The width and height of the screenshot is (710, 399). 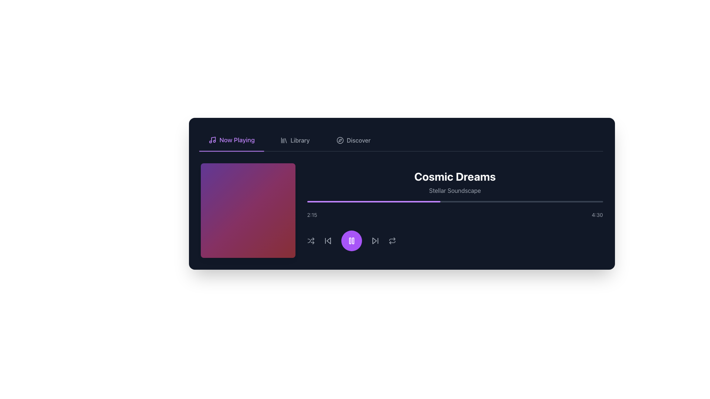 I want to click on the prominent image placeholder box with a gradient color scheme transitioning from purple to red, located on the left side of the media player interface, so click(x=248, y=211).